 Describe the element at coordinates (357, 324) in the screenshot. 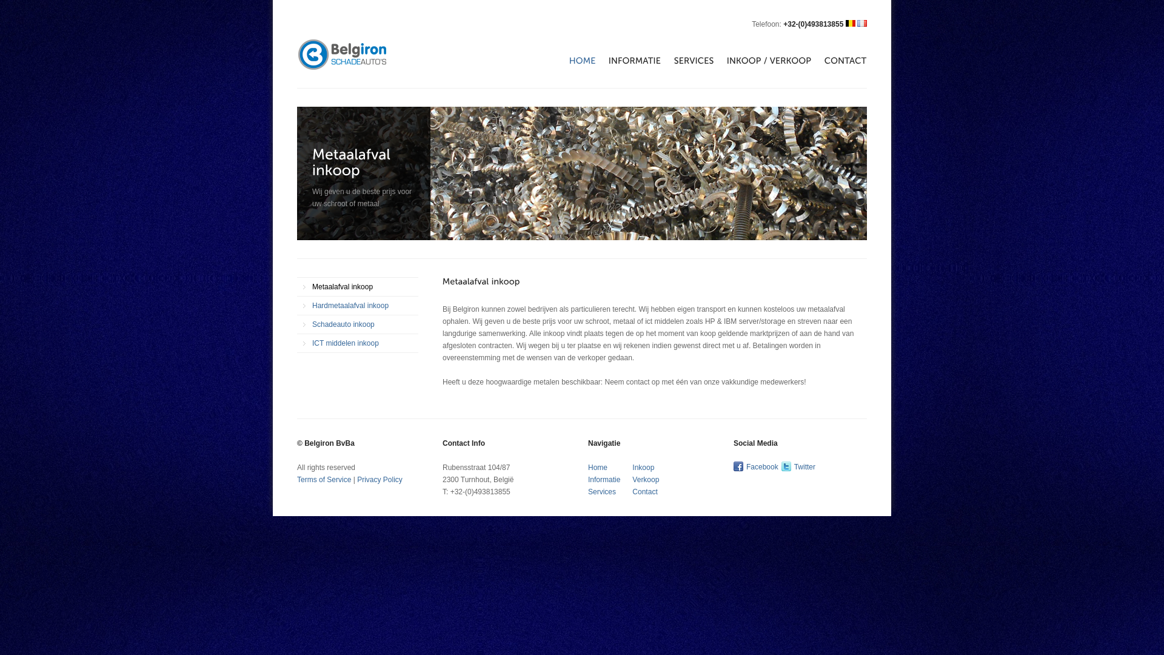

I see `'Schadeauto inkoop'` at that location.